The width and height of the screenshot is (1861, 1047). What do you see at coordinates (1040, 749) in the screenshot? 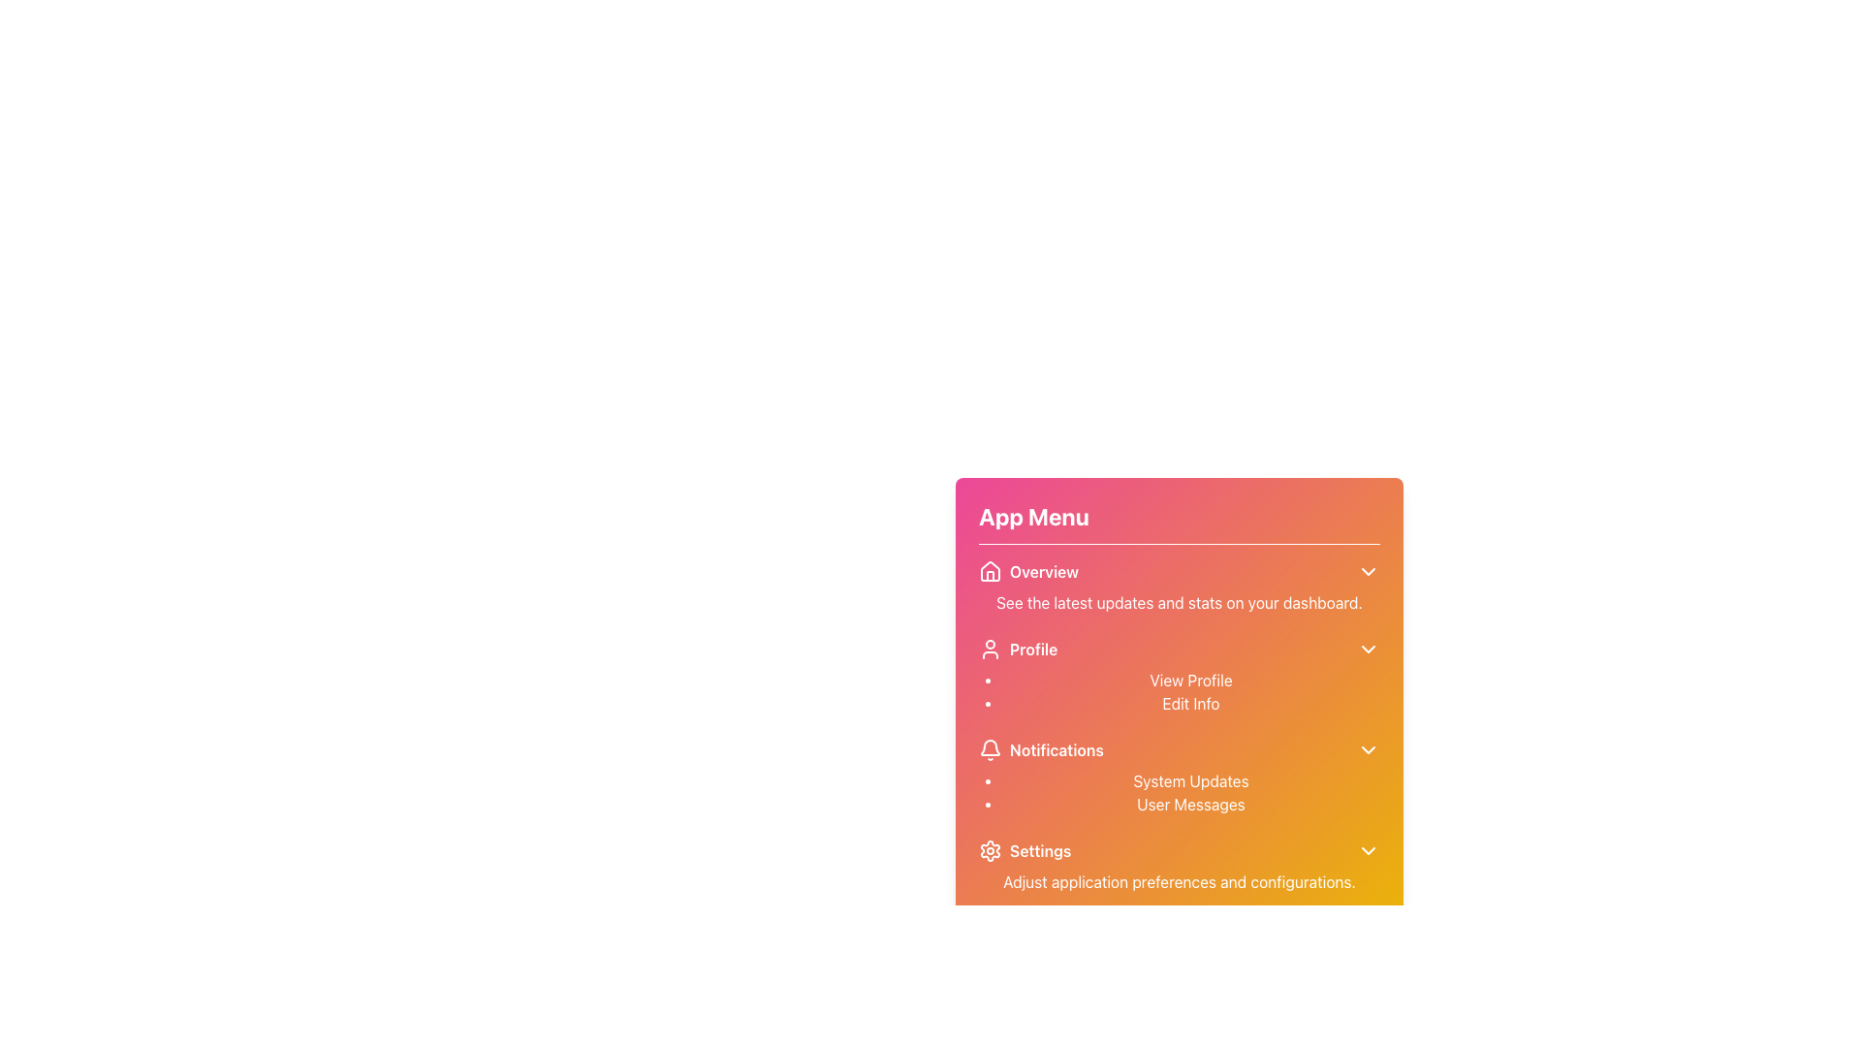
I see `the third primary menu item in the menu panel that allows users` at bounding box center [1040, 749].